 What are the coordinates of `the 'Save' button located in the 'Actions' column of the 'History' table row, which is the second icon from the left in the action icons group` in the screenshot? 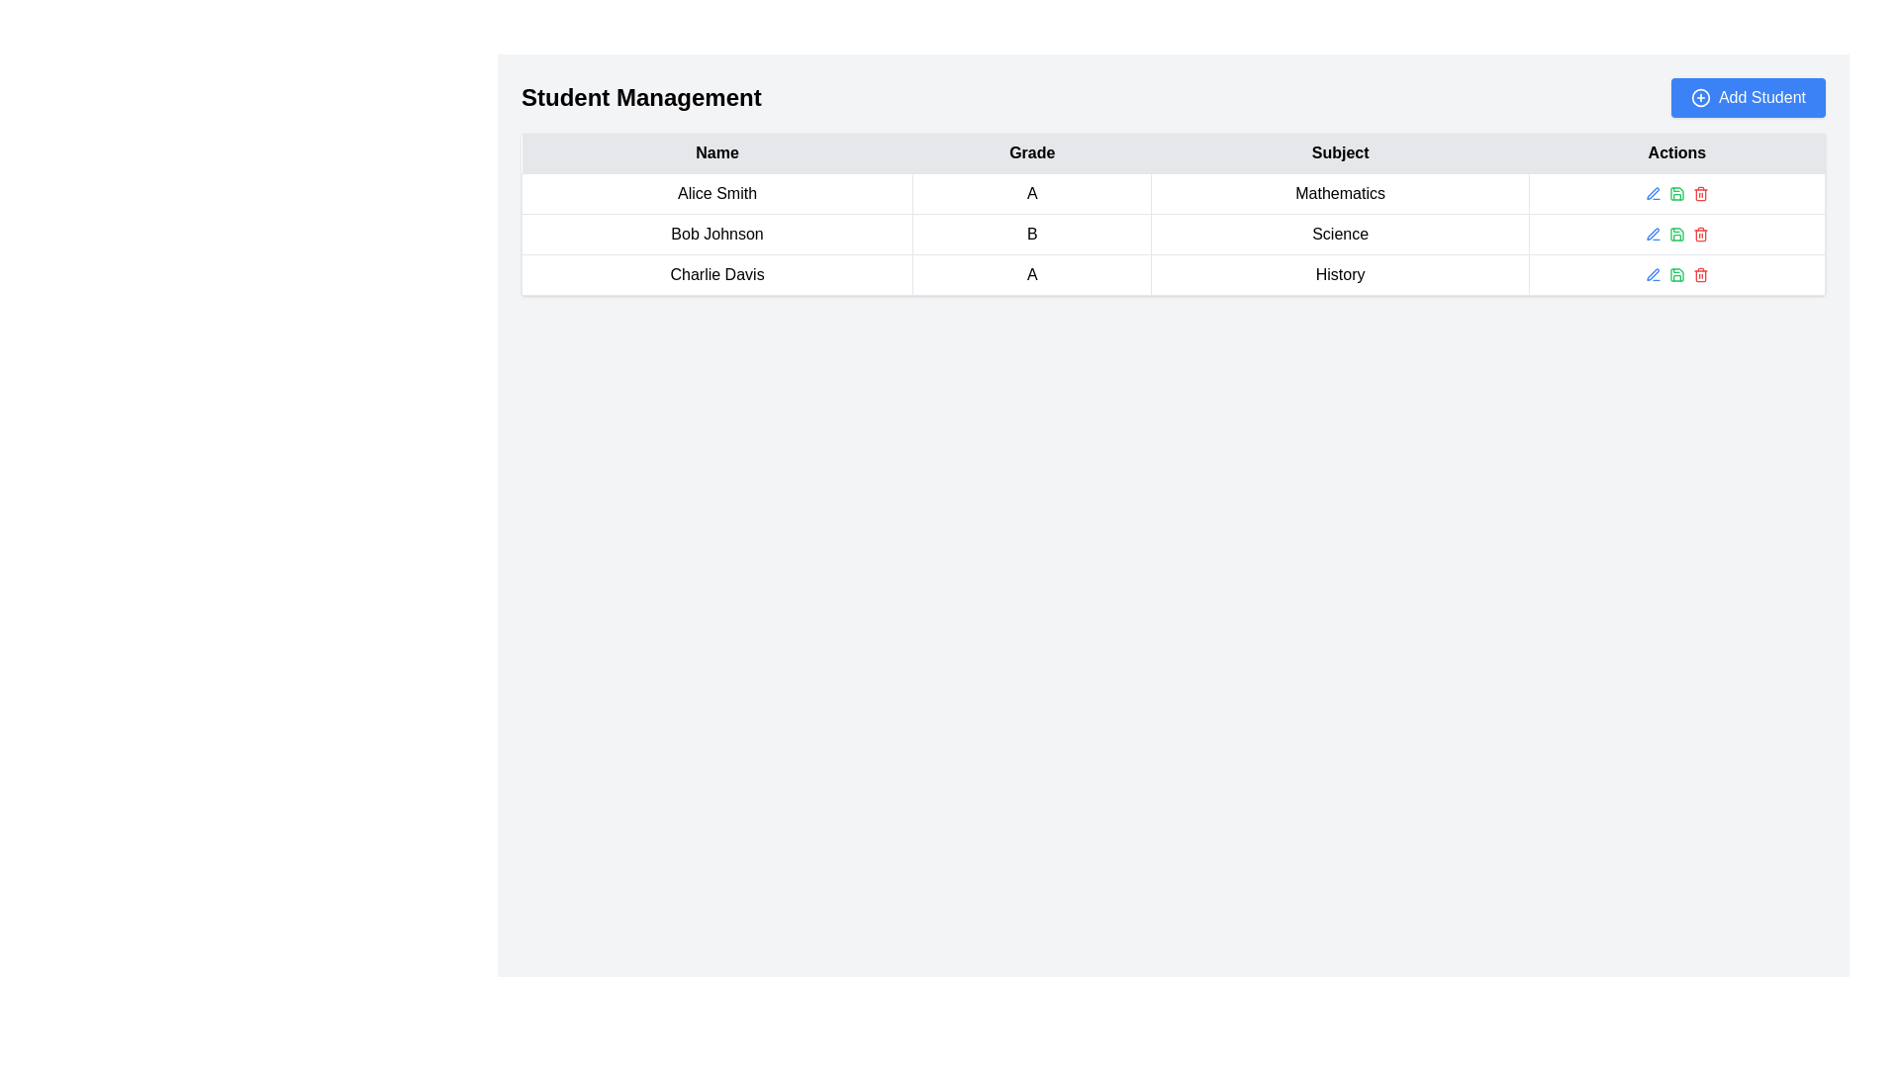 It's located at (1675, 274).